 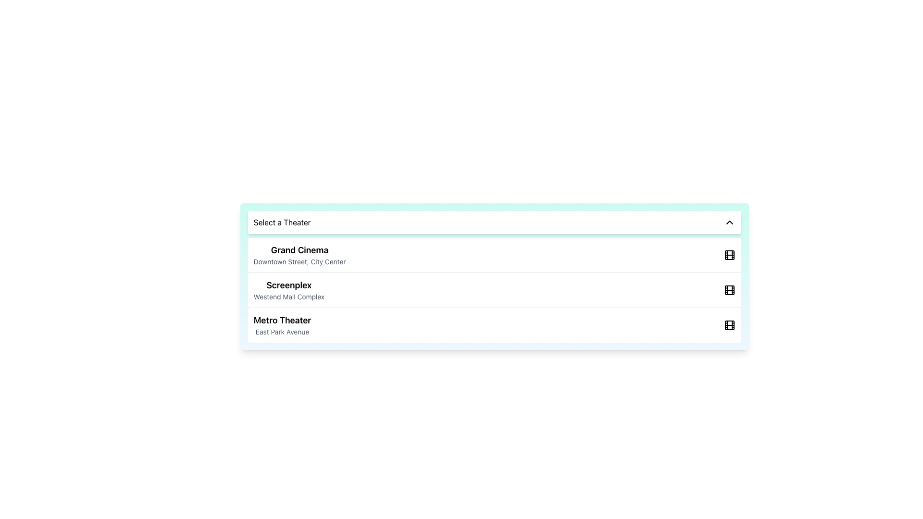 What do you see at coordinates (299, 255) in the screenshot?
I see `the List Item displaying 'Grand Cinema'` at bounding box center [299, 255].